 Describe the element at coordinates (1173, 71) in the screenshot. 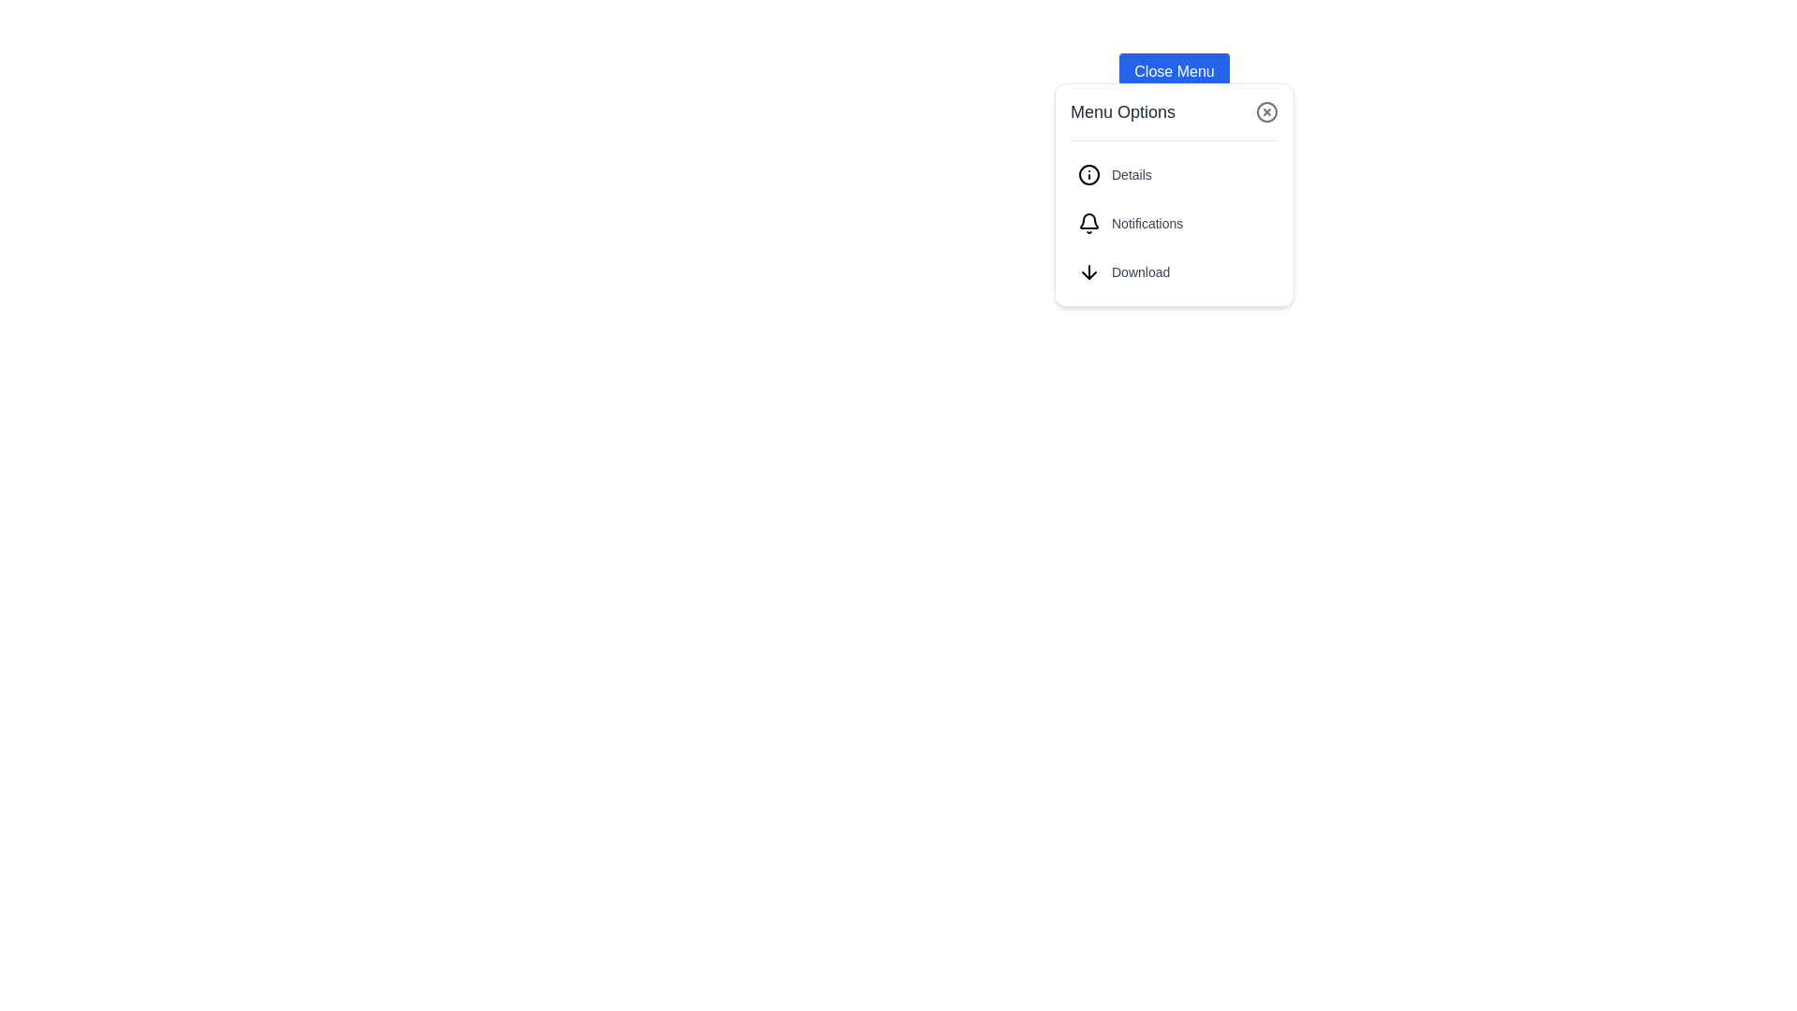

I see `the blue 'Close Menu' button with rounded edges located near the upper-middle section of the modal` at that location.